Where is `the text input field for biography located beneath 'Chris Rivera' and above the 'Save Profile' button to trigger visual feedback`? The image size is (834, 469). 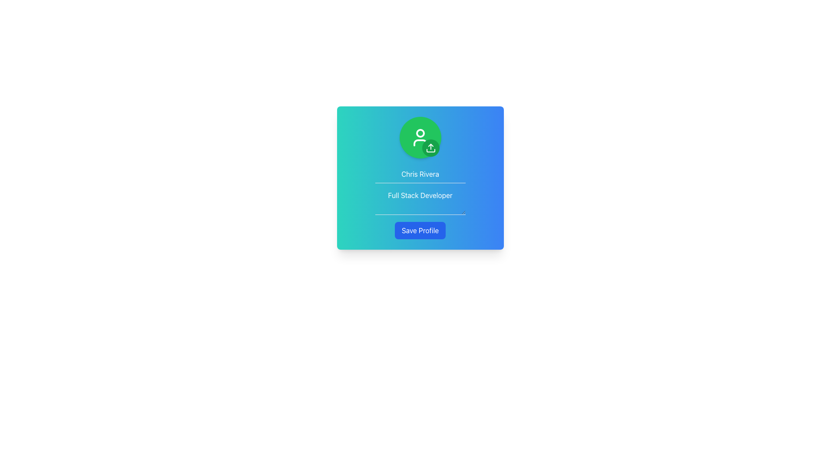 the text input field for biography located beneath 'Chris Rivera' and above the 'Save Profile' button to trigger visual feedback is located at coordinates (420, 201).